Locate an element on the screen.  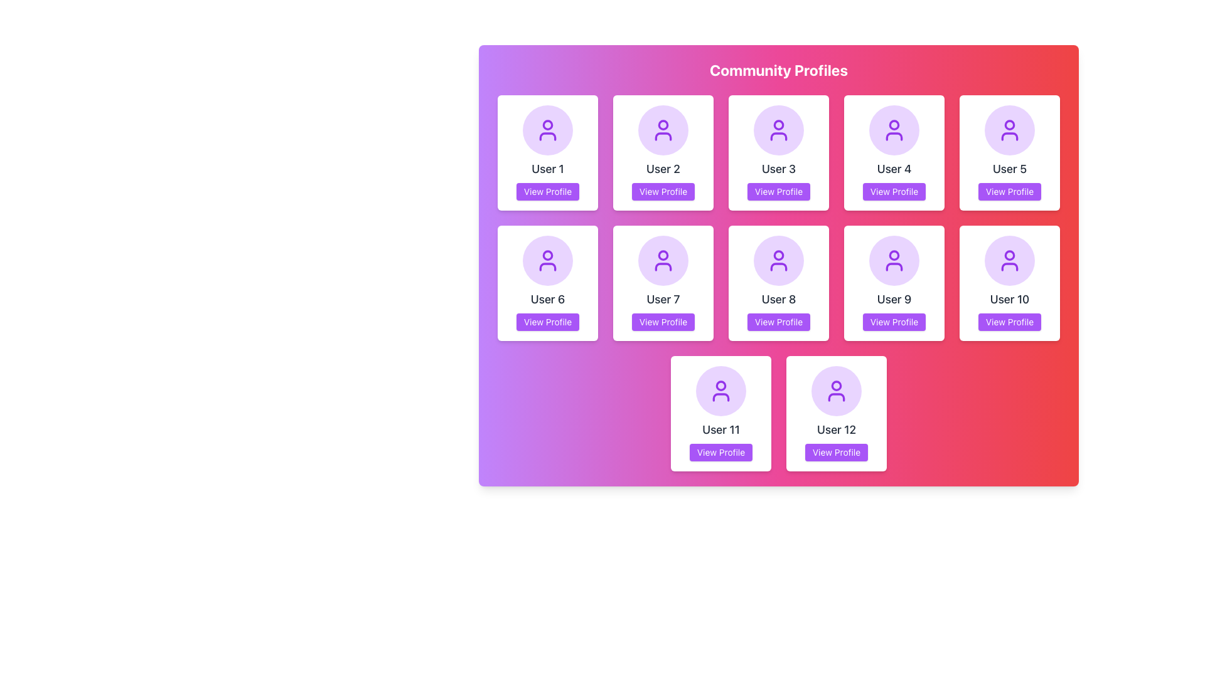
the circular icon with a purple background and a user icon, located in the top-right corner of the 'User 10' card under the 'Community Profiles' header is located at coordinates (1009, 260).